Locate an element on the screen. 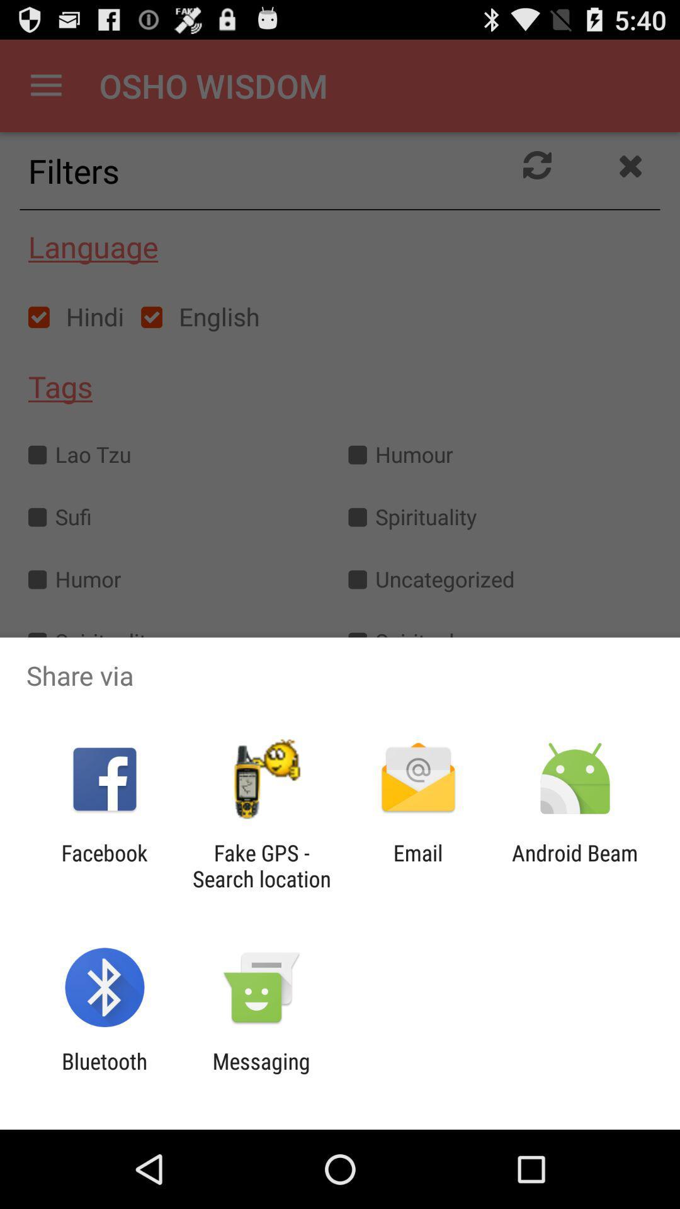 Image resolution: width=680 pixels, height=1209 pixels. the bluetooth is located at coordinates (104, 1074).